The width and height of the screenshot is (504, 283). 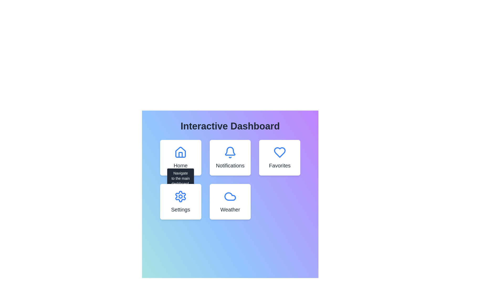 What do you see at coordinates (181, 153) in the screenshot?
I see `the 'Home' navigation icon located in the first tile of the grid arrangement beneath the 'Interactive Dashboard' heading` at bounding box center [181, 153].